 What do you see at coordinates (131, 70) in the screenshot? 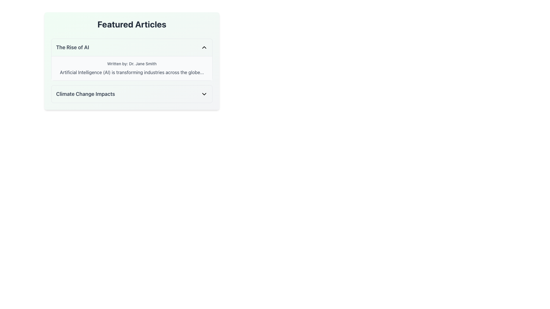
I see `the text content preview block for the article about Artificial Intelligence, located under the 'Featured Articles' heading in a card layout` at bounding box center [131, 70].